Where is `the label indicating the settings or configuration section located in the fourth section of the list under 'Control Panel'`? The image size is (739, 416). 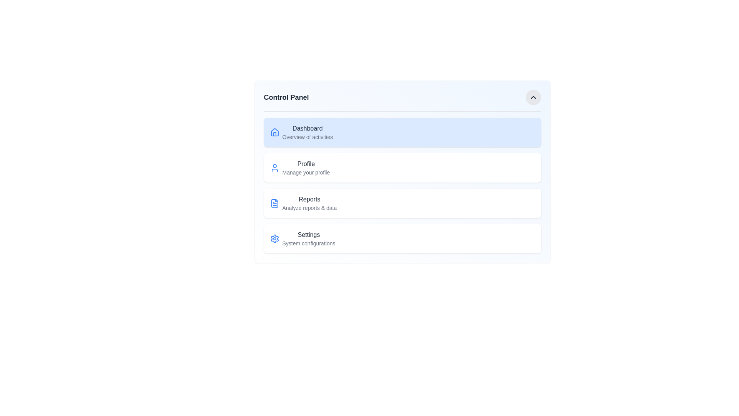
the label indicating the settings or configuration section located in the fourth section of the list under 'Control Panel' is located at coordinates (309, 238).